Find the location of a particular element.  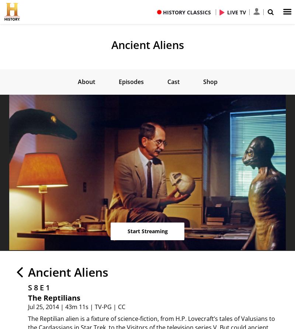

'S 8' is located at coordinates (33, 287).